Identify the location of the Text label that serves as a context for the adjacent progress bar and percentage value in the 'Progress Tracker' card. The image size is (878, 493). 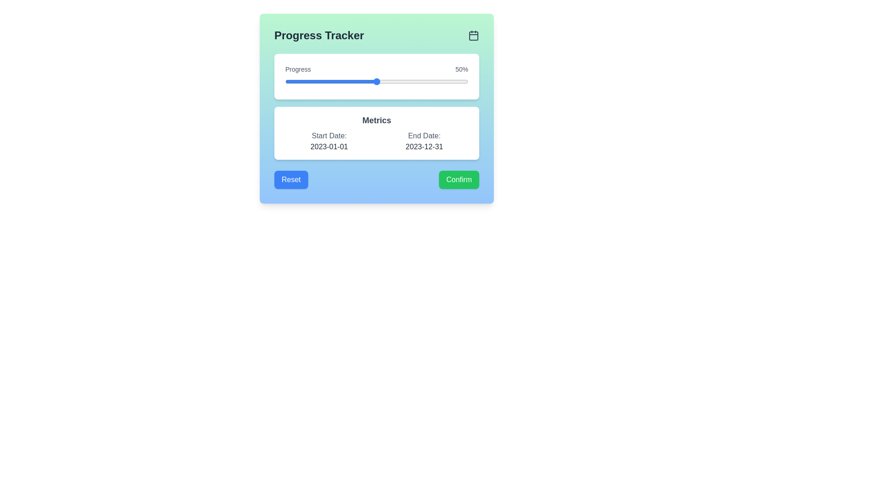
(298, 68).